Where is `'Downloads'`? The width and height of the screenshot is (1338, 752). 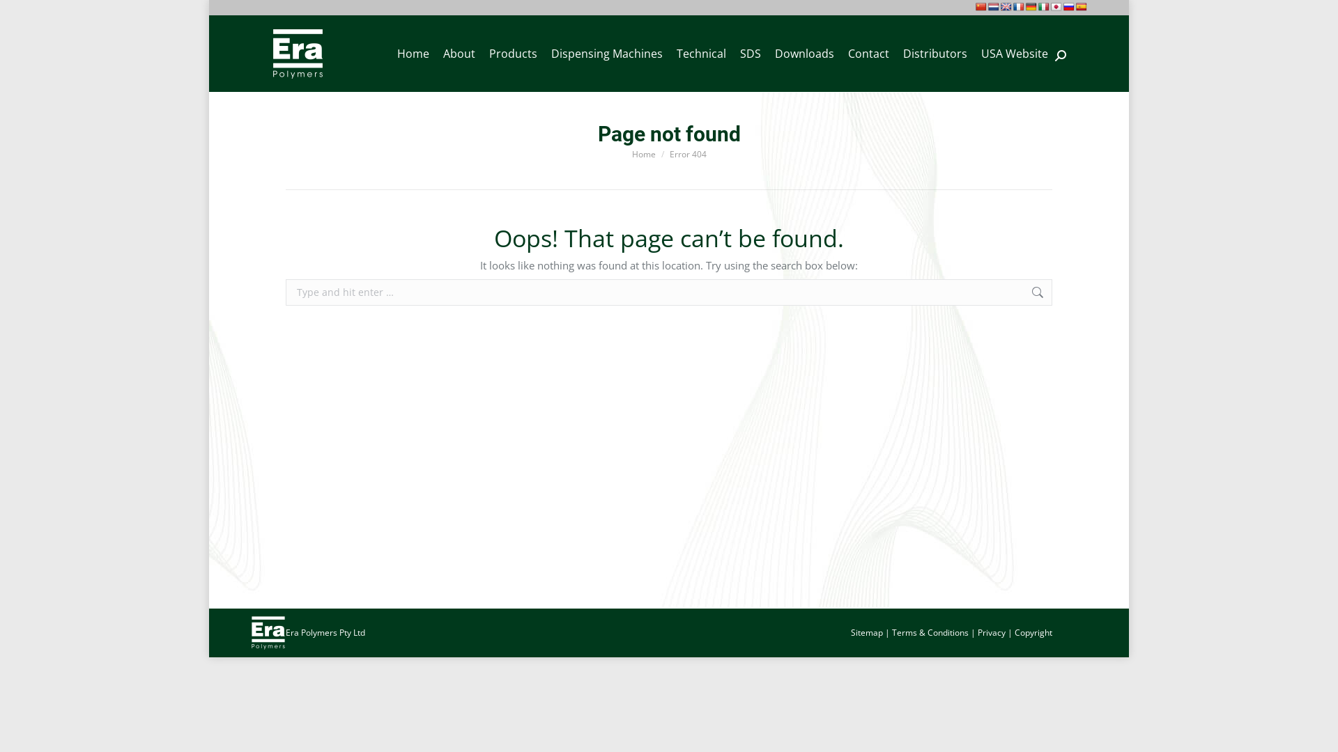 'Downloads' is located at coordinates (804, 53).